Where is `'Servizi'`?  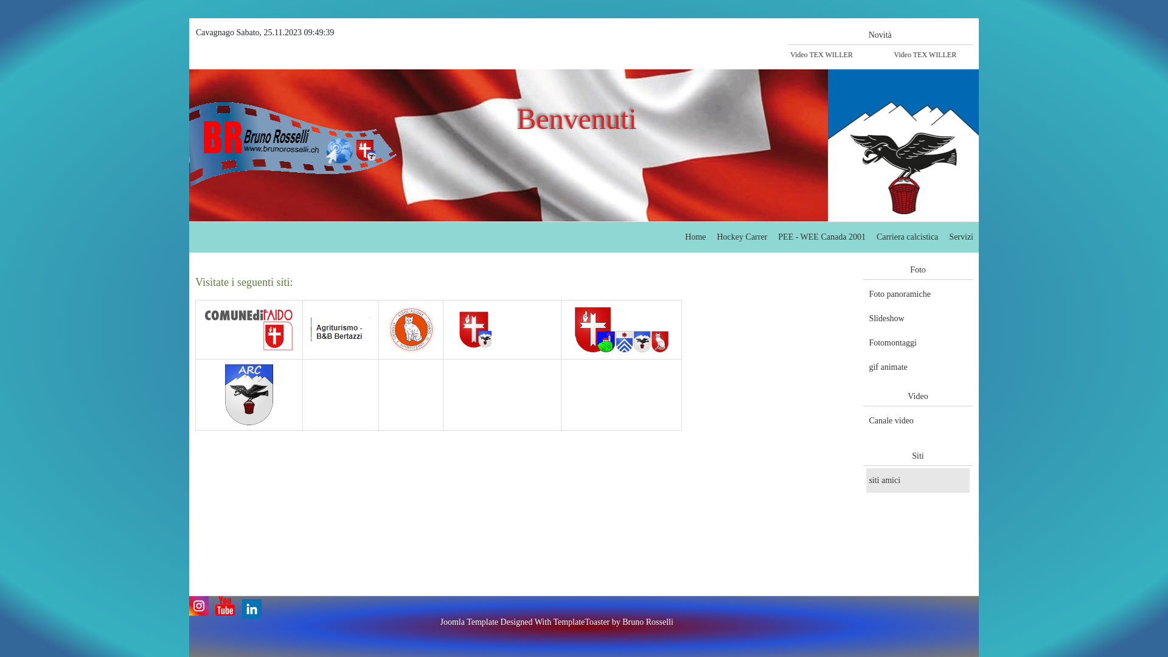
'Servizi' is located at coordinates (960, 237).